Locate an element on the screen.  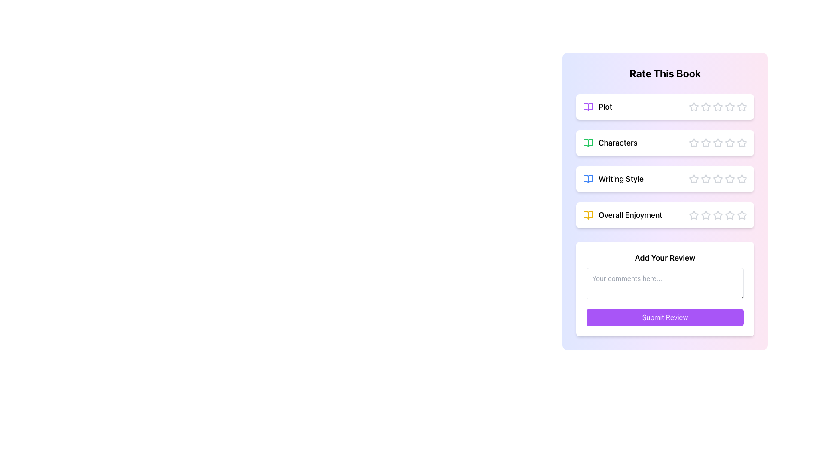
the second hollow star icon in the third row of the 'Writing Style' rating section is located at coordinates (718, 178).